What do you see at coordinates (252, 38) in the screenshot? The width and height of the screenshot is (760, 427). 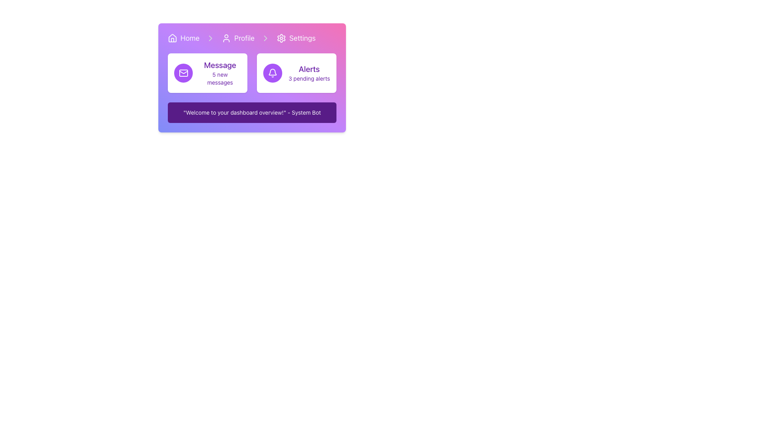 I see `the 'Profile' hyperlink located in the breadcrumb navigation bar` at bounding box center [252, 38].